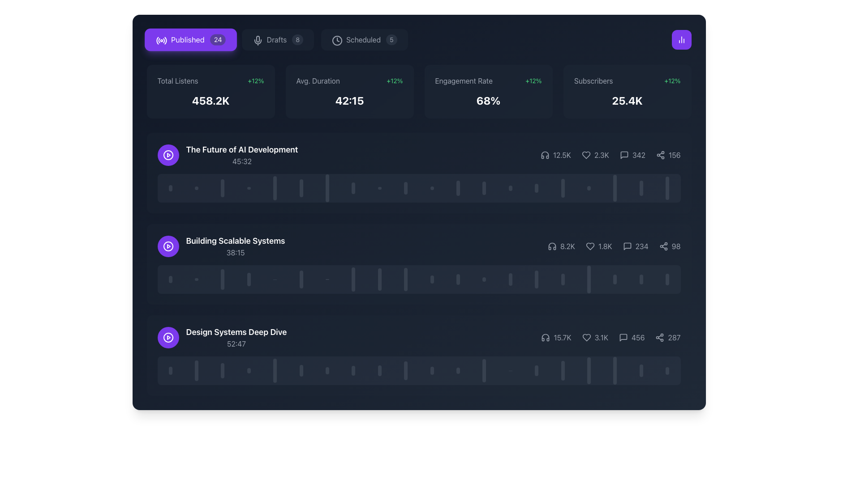 Image resolution: width=860 pixels, height=483 pixels. I want to click on the 19th vertical bar in the progress bar component, so click(641, 279).